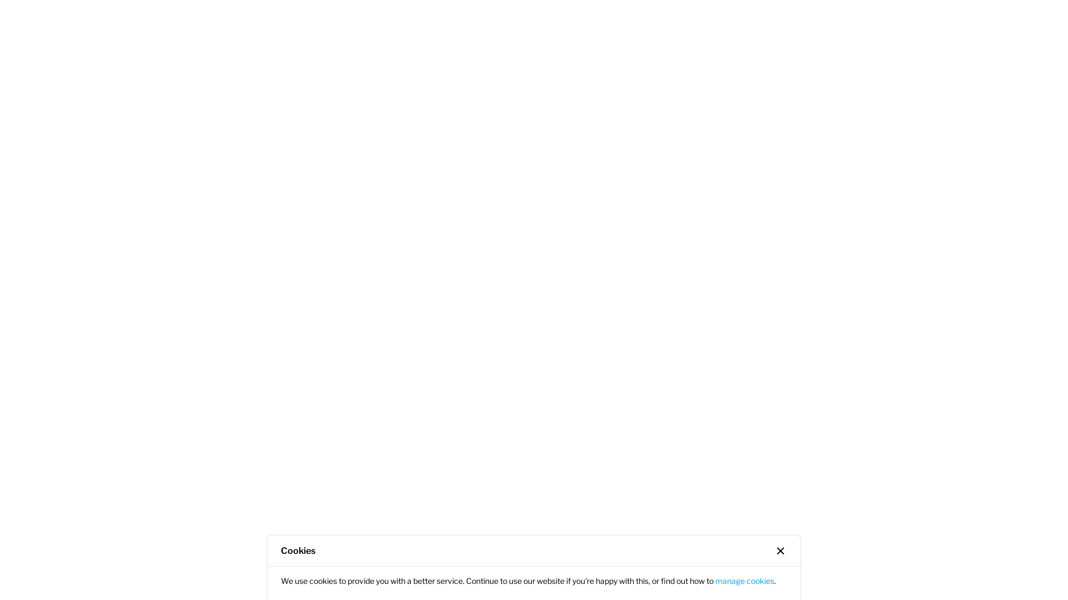 The image size is (1068, 600). What do you see at coordinates (745, 580) in the screenshot?
I see `'manage cookies'` at bounding box center [745, 580].